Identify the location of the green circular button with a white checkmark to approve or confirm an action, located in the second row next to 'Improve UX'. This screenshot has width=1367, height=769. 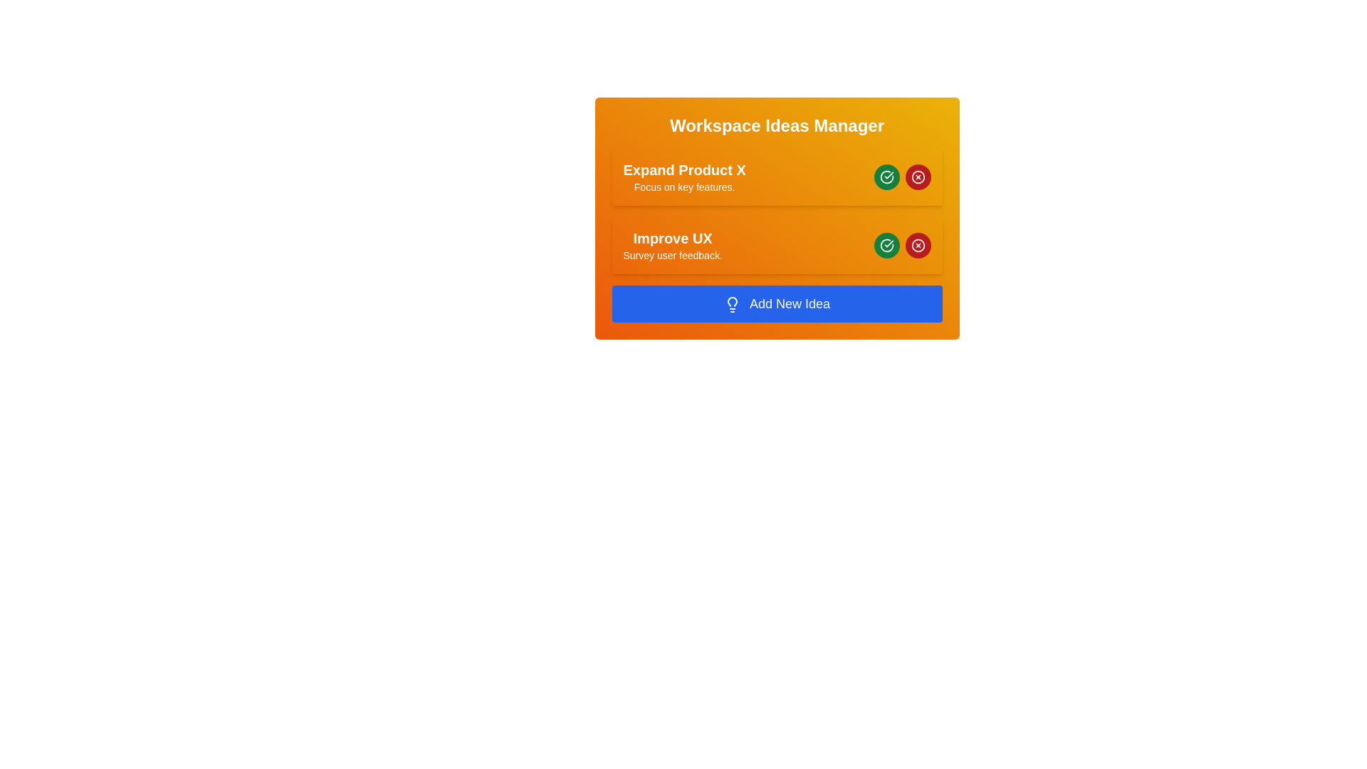
(886, 177).